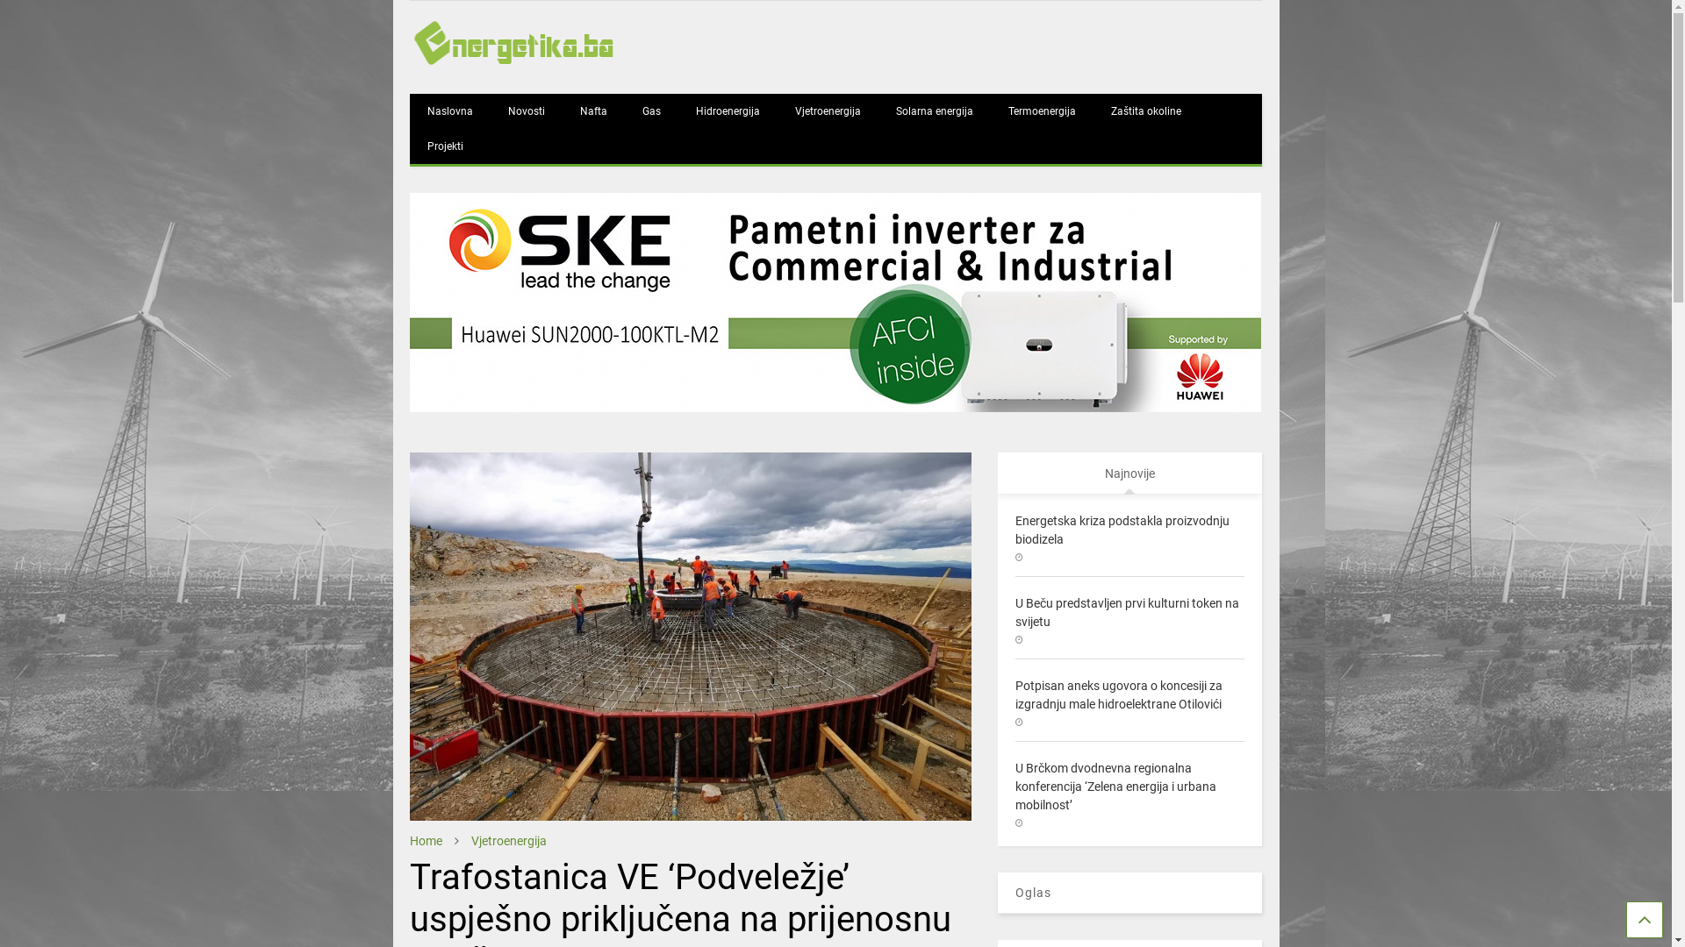 The height and width of the screenshot is (947, 1685). What do you see at coordinates (450, 111) in the screenshot?
I see `'Naslovna'` at bounding box center [450, 111].